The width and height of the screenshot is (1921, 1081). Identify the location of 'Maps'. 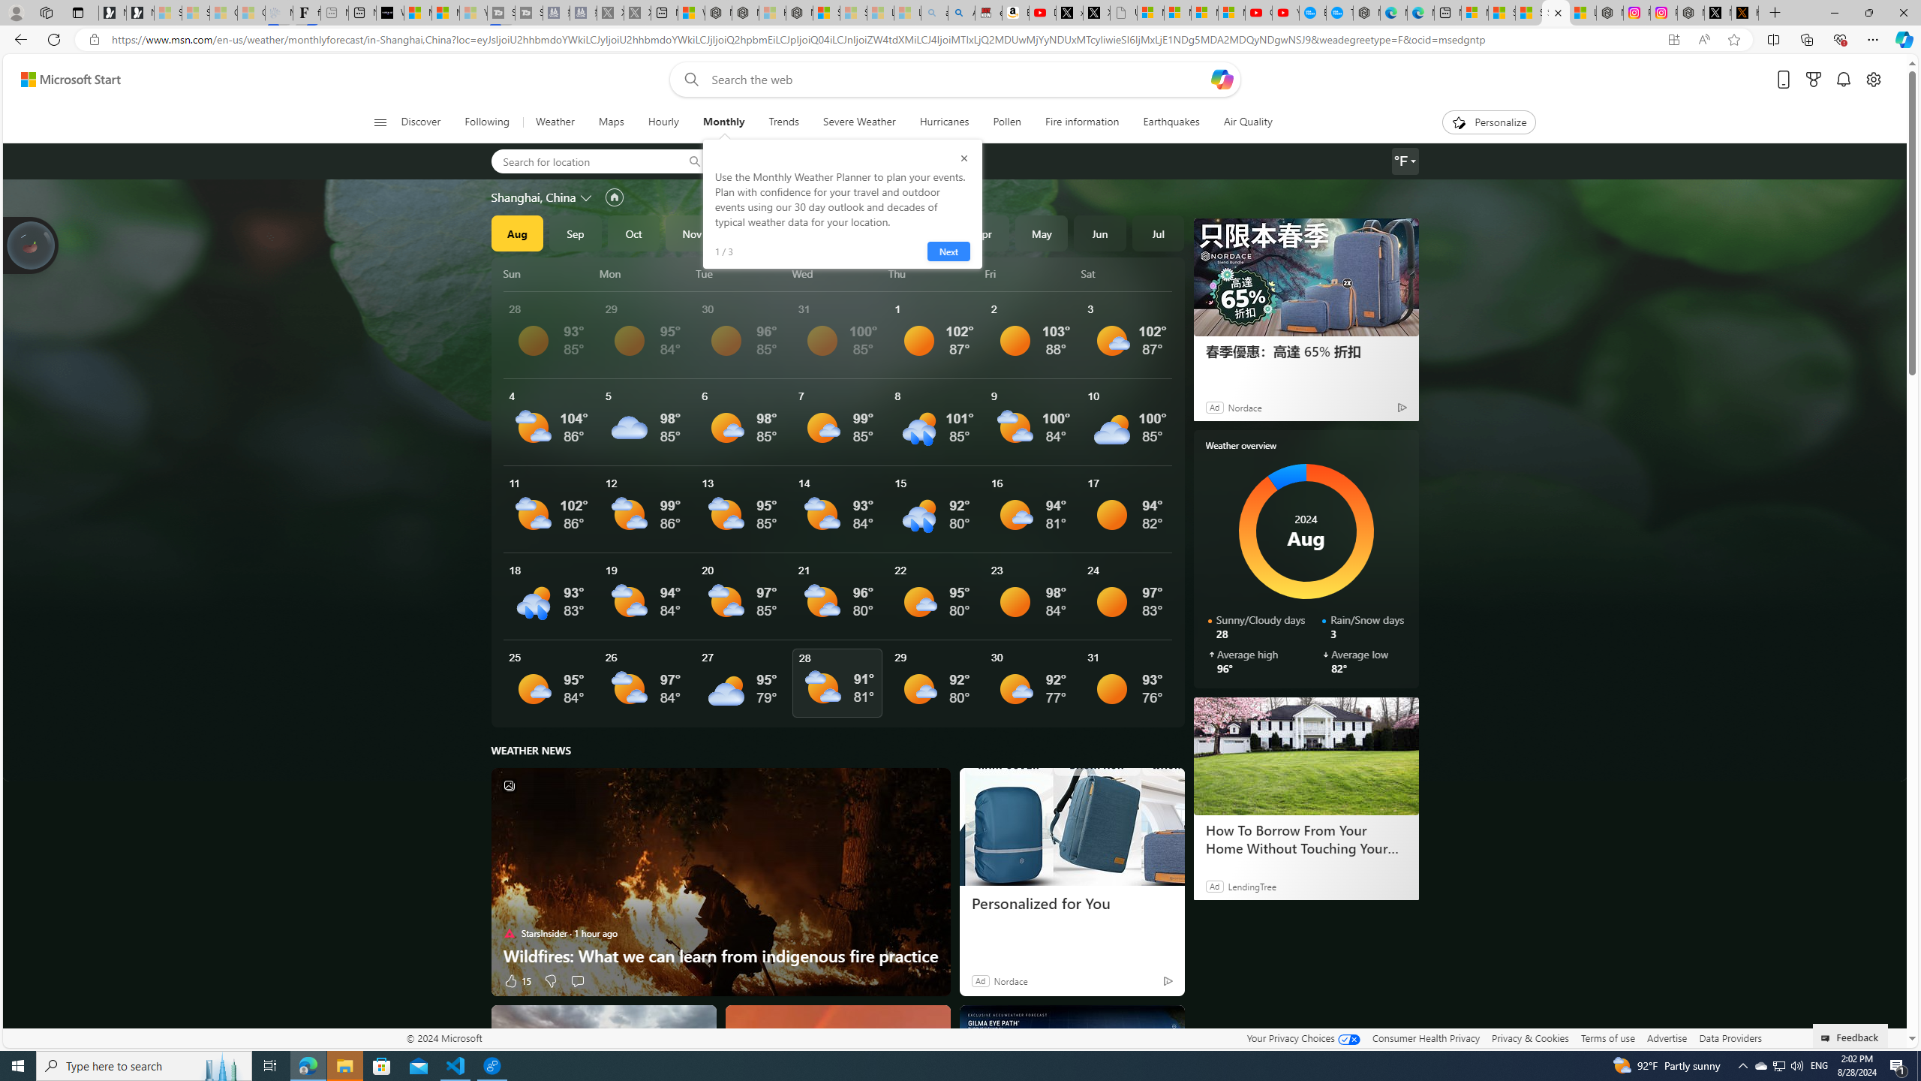
(611, 122).